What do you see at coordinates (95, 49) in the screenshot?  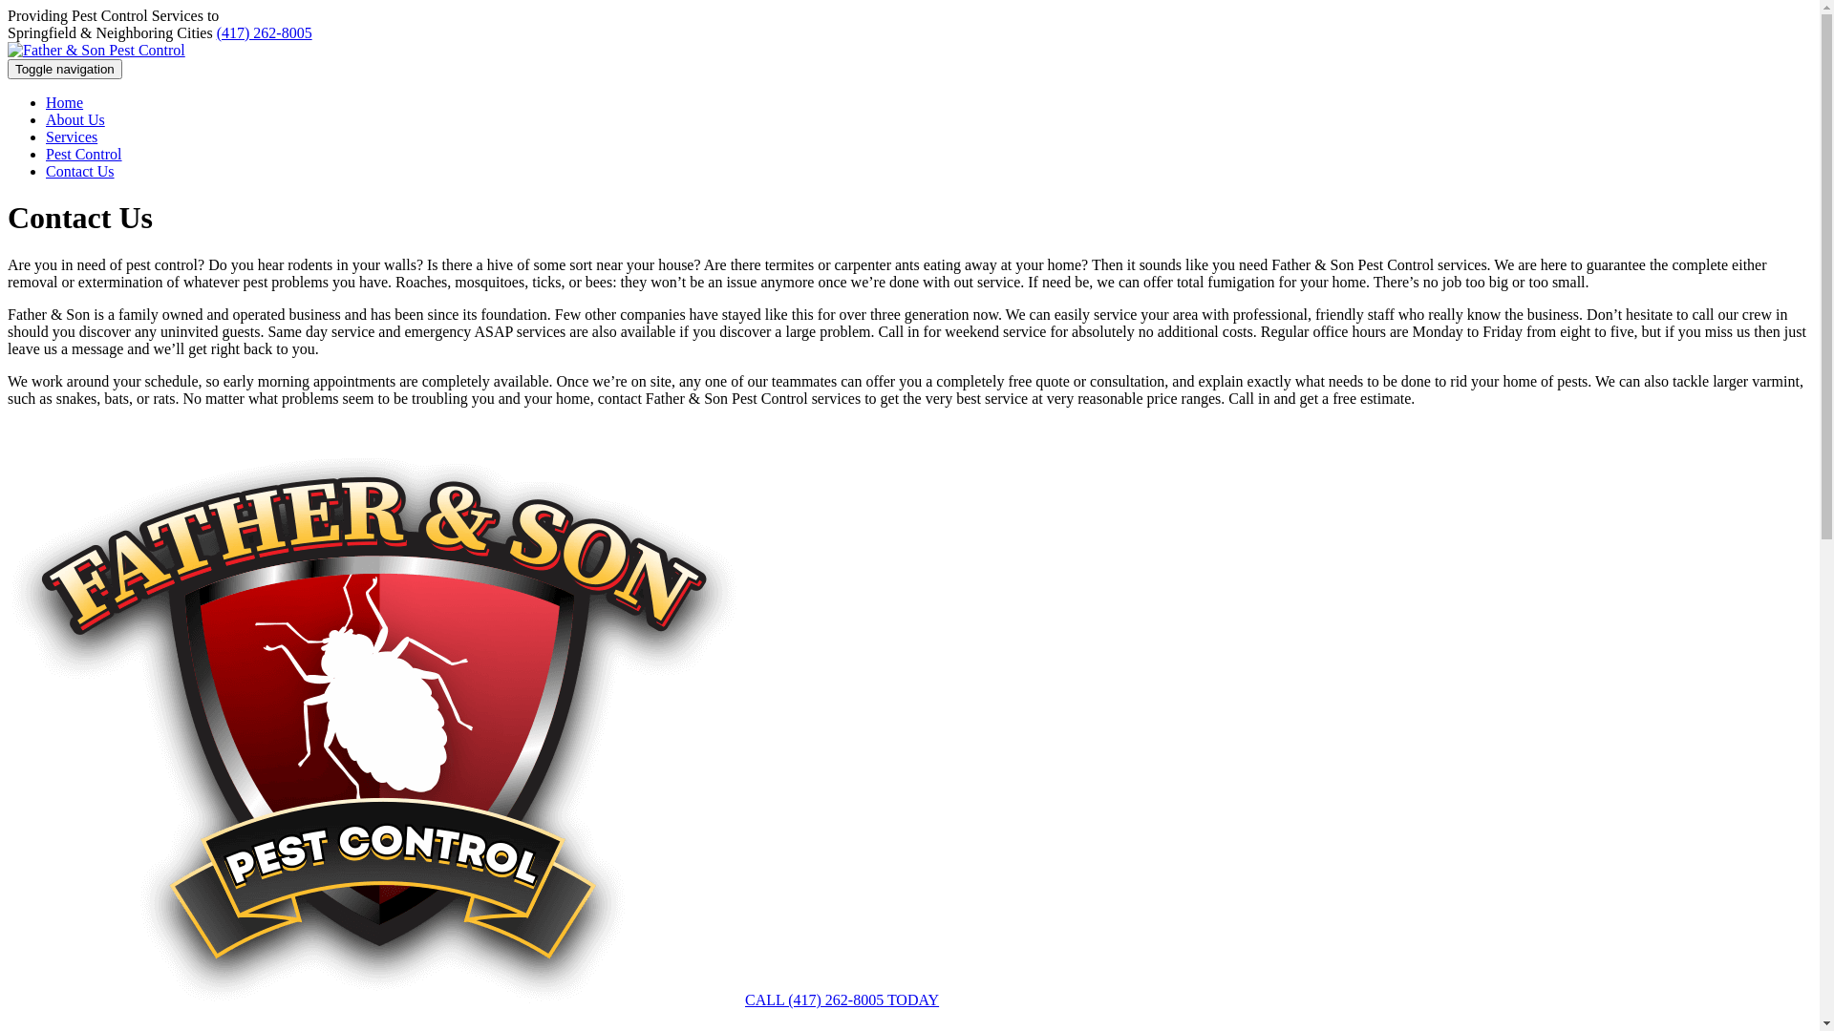 I see `'Father & Son Pest Control'` at bounding box center [95, 49].